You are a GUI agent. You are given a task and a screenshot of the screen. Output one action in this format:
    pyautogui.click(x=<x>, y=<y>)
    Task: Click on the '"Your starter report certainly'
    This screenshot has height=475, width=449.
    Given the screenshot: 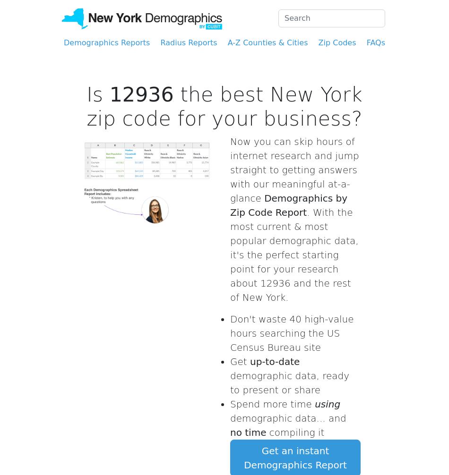 What is the action you would take?
    pyautogui.click(x=298, y=161)
    